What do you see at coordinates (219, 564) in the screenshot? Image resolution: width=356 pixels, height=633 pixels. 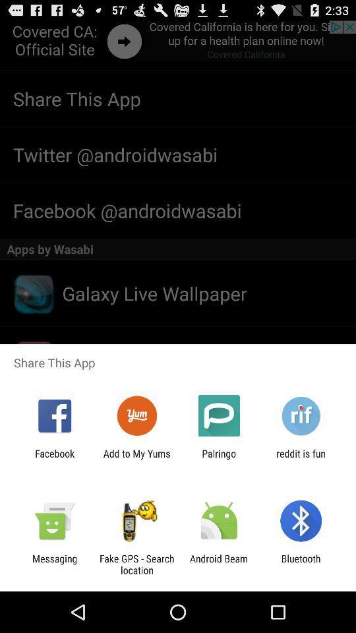 I see `item to the right of fake gps search icon` at bounding box center [219, 564].